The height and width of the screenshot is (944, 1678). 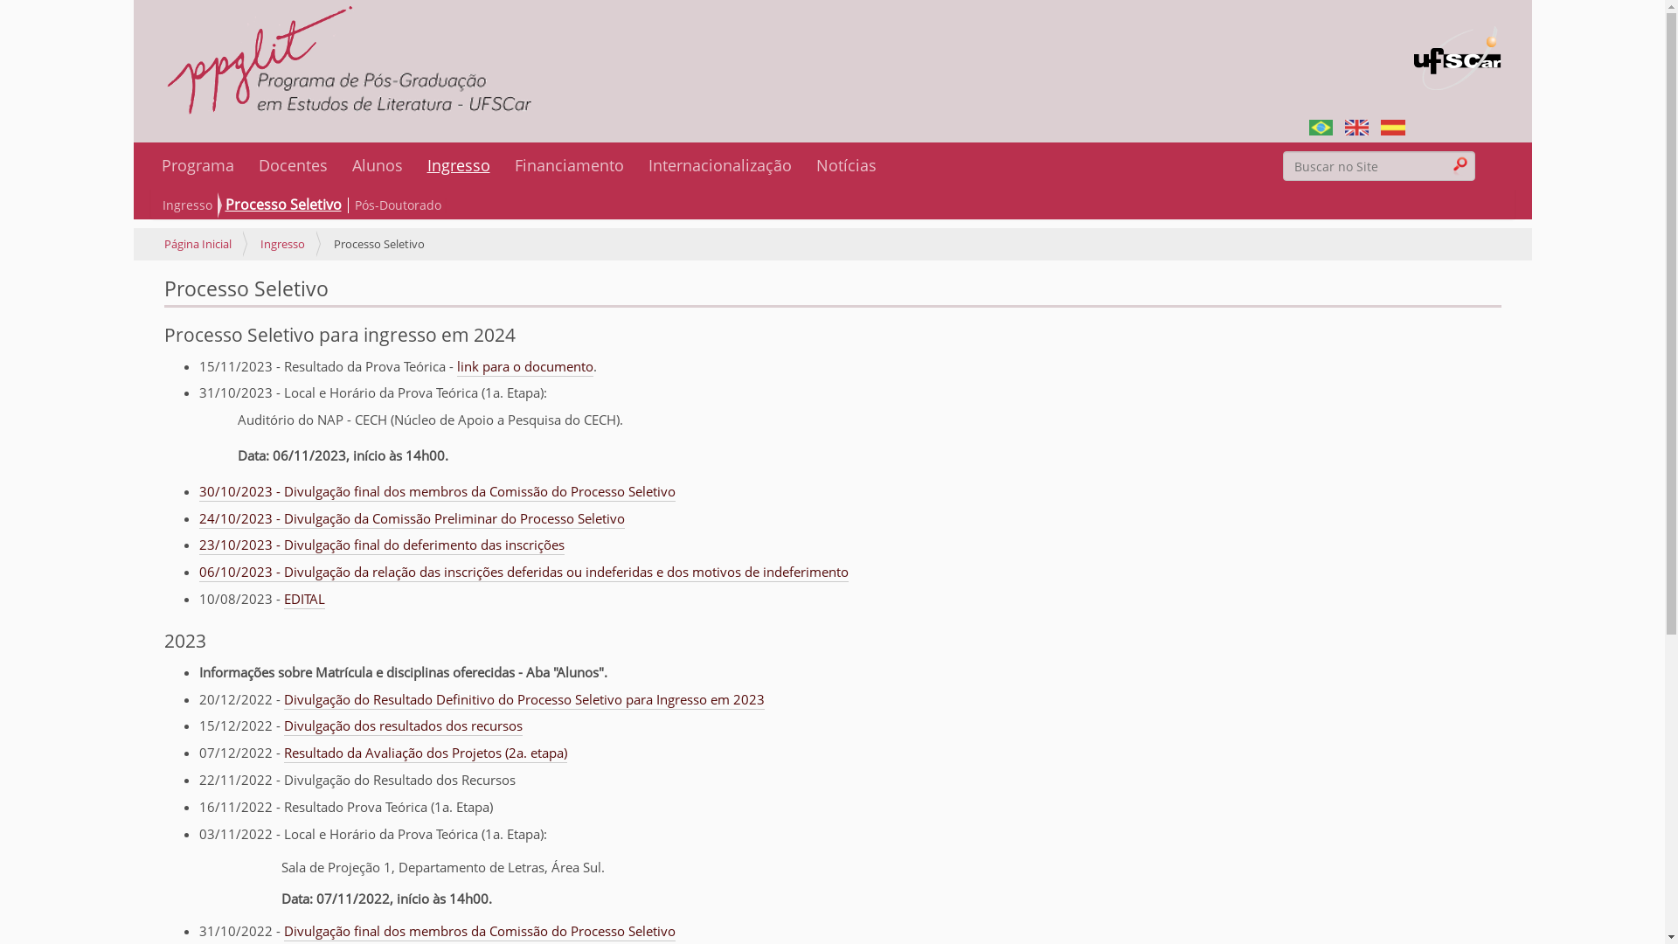 I want to click on 'Alunos', so click(x=376, y=165).